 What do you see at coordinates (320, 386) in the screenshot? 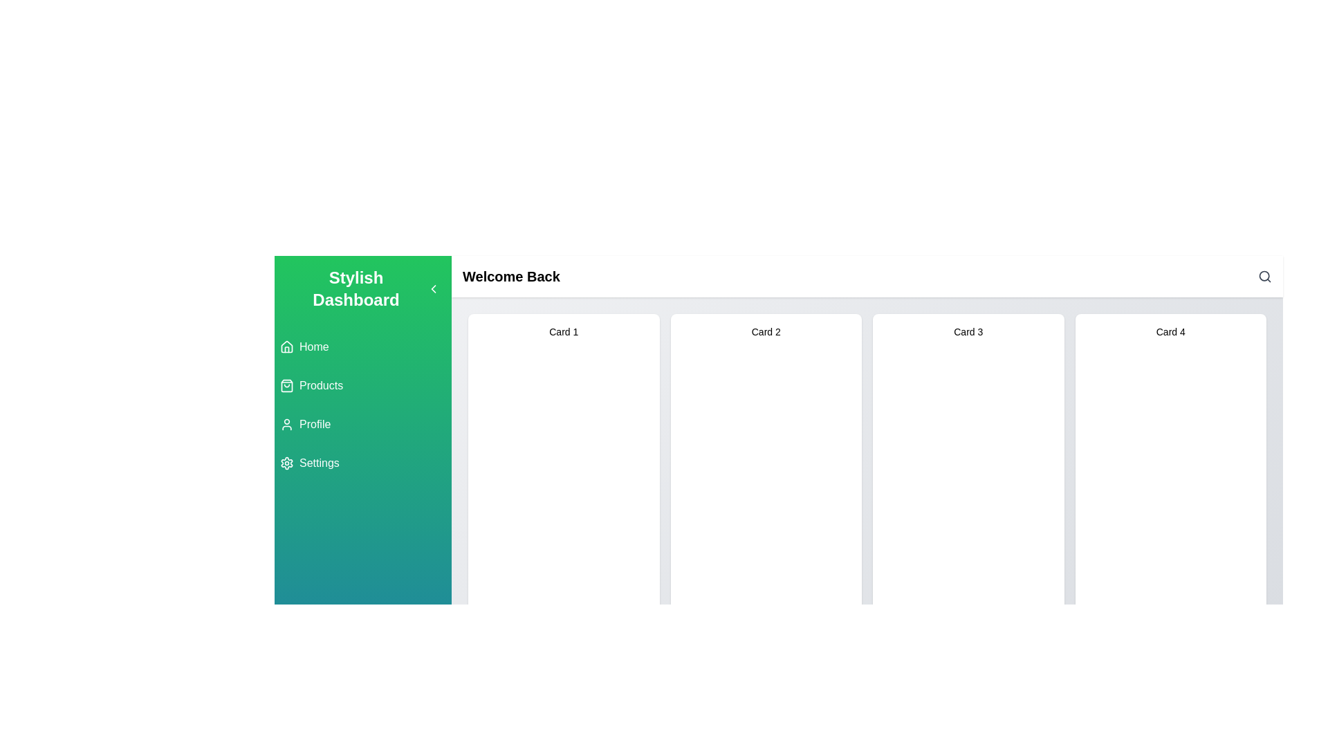
I see `the 'Products' text label located within the sidebar navigation` at bounding box center [320, 386].